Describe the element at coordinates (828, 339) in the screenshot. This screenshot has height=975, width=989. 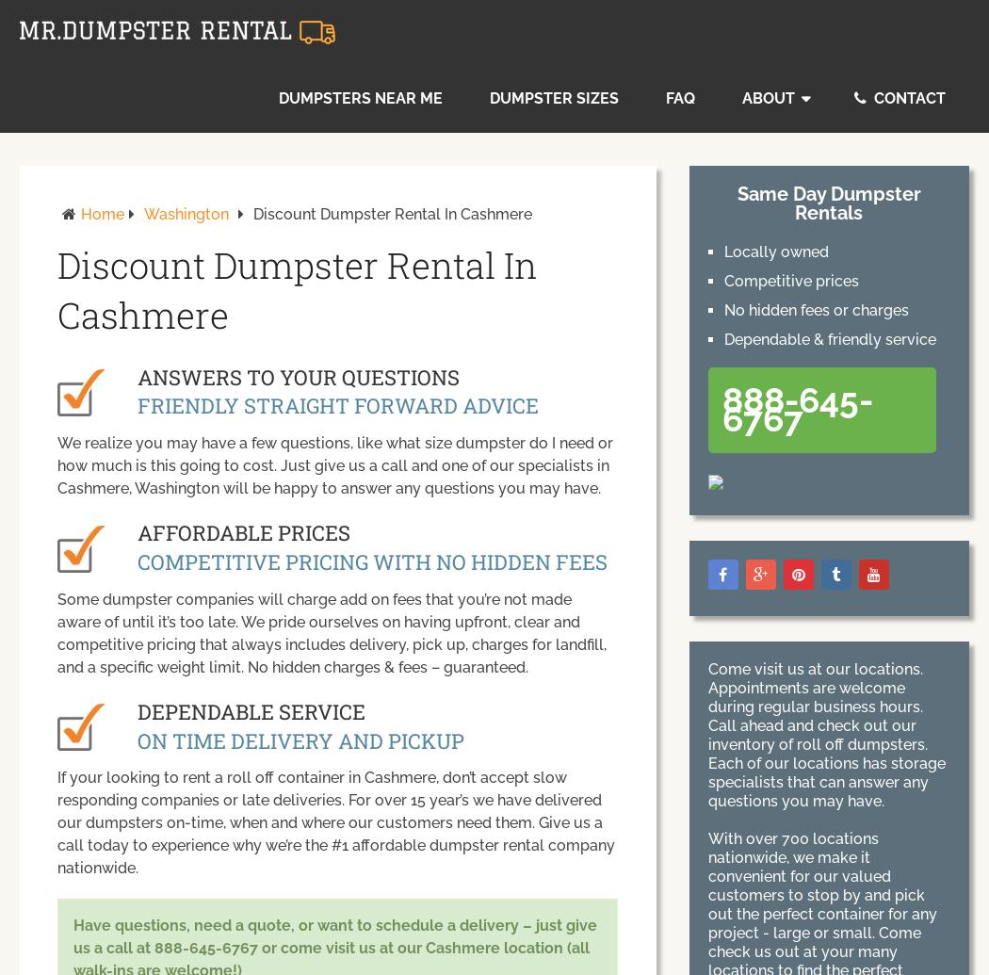
I see `'Dependable & friendly service'` at that location.